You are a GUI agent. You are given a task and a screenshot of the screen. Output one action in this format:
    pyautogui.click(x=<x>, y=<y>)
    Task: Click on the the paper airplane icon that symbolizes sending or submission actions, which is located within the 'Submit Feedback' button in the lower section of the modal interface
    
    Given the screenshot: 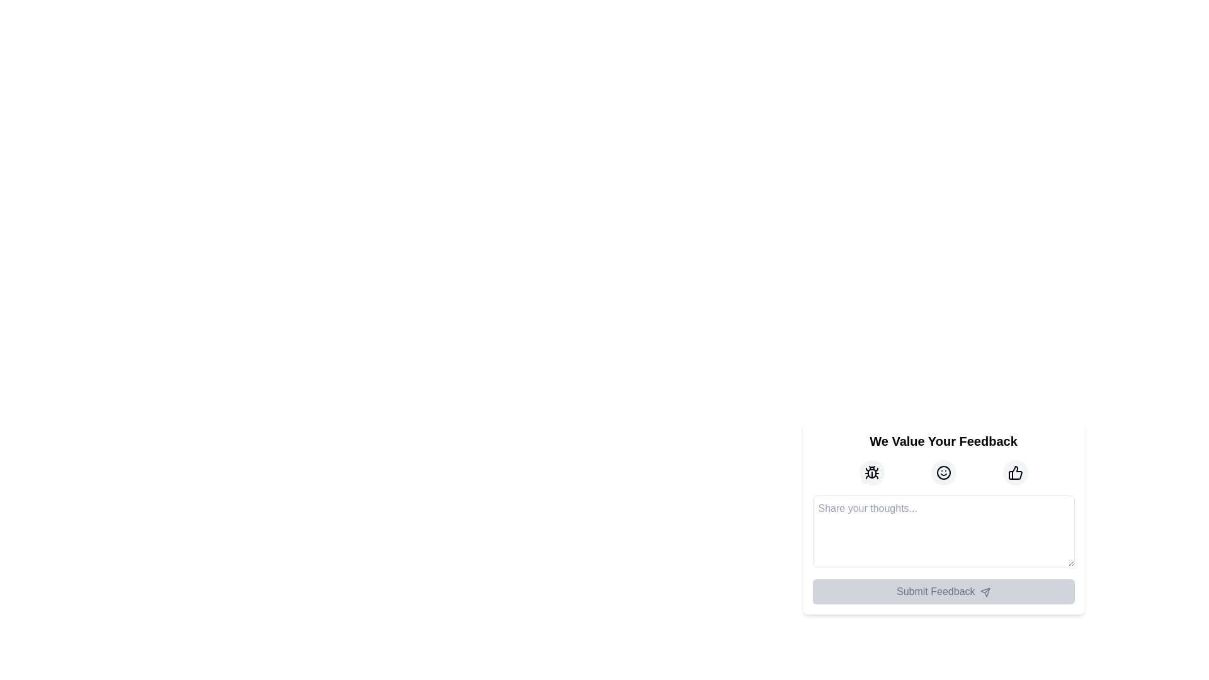 What is the action you would take?
    pyautogui.click(x=984, y=592)
    